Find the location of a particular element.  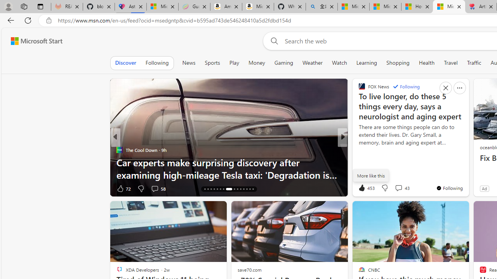

'View comments 197 Comment' is located at coordinates (401, 188).